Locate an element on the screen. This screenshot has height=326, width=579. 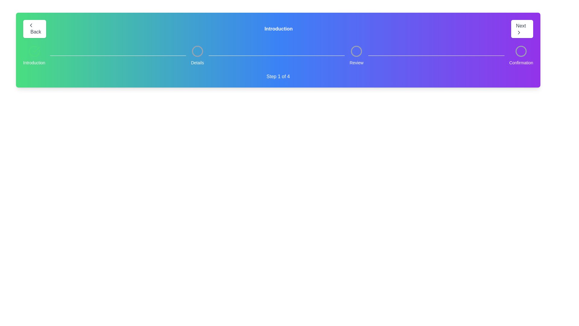
the fourth step of the horizontal stepper labeled 'Confirmation' is located at coordinates (521, 56).